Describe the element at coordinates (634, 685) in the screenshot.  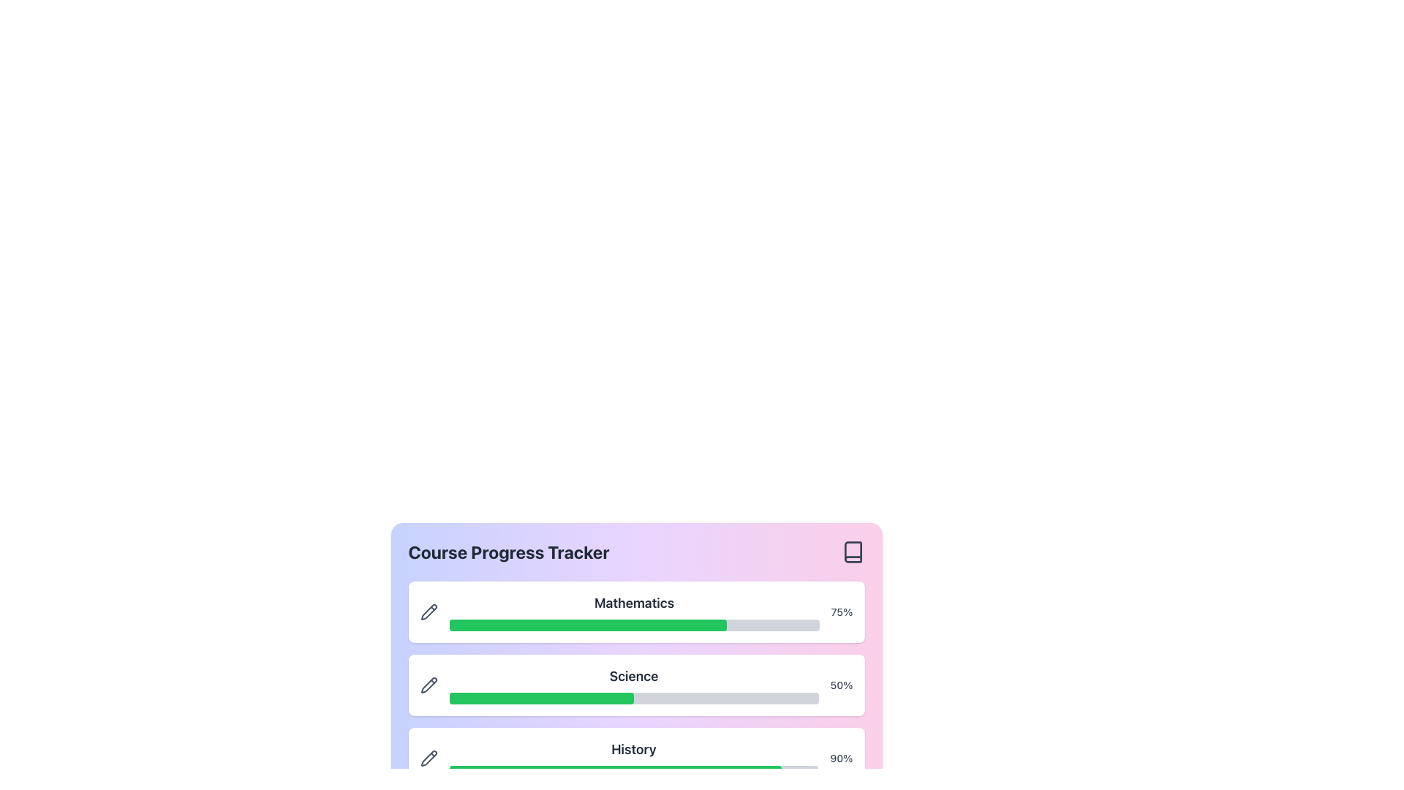
I see `the 'Science' label in the 'Course Progress Tracker' section, which is prominently displayed in bold font above the progress bar` at that location.